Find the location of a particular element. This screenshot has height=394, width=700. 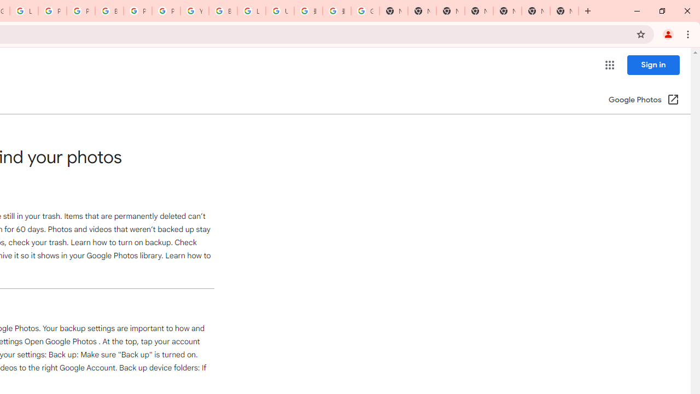

'Privacy Help Center - Policies Help' is located at coordinates (80, 11).